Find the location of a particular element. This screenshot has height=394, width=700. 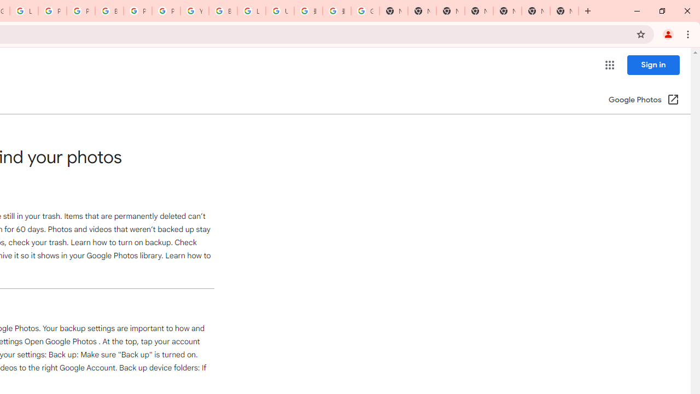

'Privacy Help Center - Policies Help' is located at coordinates (80, 11).